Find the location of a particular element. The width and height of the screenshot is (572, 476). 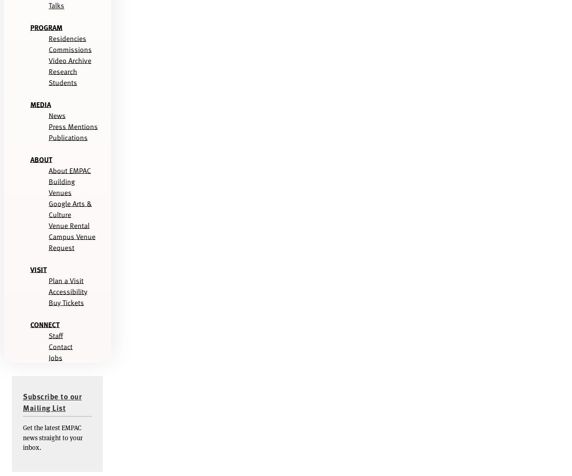

'Staff' is located at coordinates (55, 334).